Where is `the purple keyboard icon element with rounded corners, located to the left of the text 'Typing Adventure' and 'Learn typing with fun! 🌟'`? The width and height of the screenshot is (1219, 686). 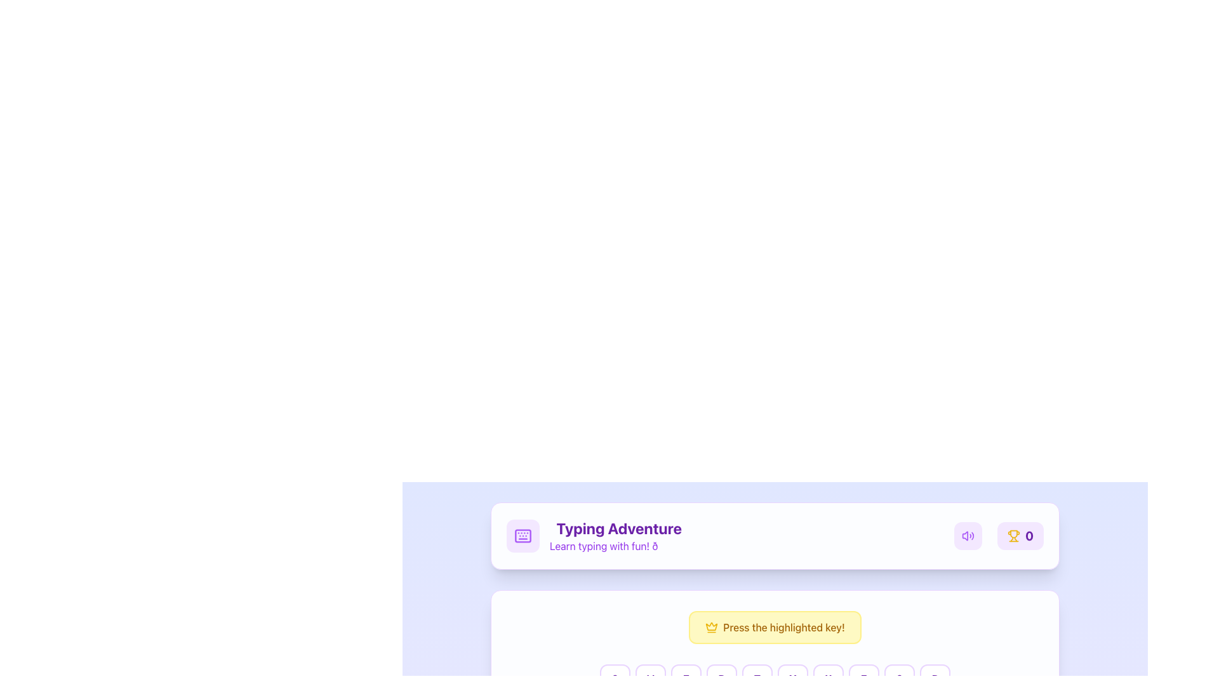
the purple keyboard icon element with rounded corners, located to the left of the text 'Typing Adventure' and 'Learn typing with fun! 🌟' is located at coordinates (523, 536).